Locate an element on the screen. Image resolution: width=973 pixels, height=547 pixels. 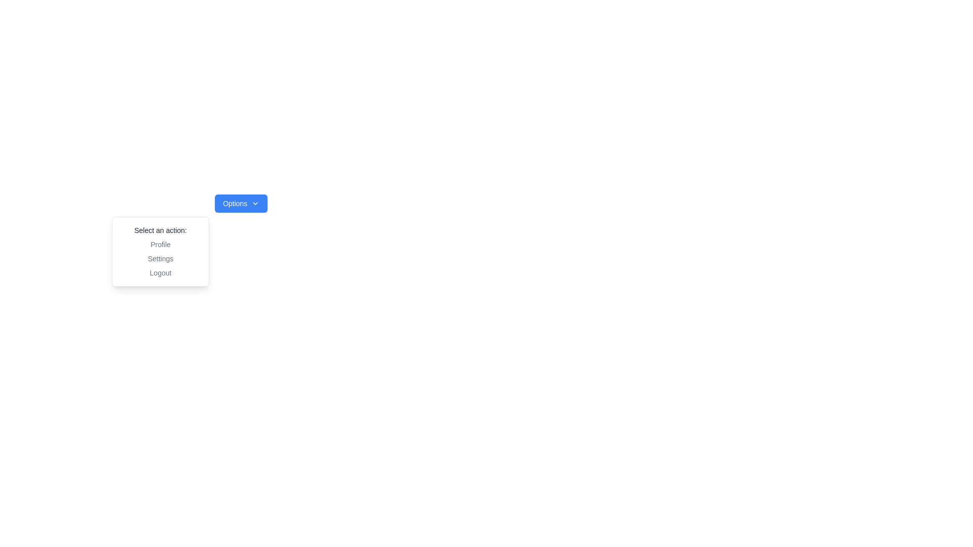
the 'Profile' text label, which serves as a title for the interactive link underneath it in the dropdown menu is located at coordinates (160, 244).